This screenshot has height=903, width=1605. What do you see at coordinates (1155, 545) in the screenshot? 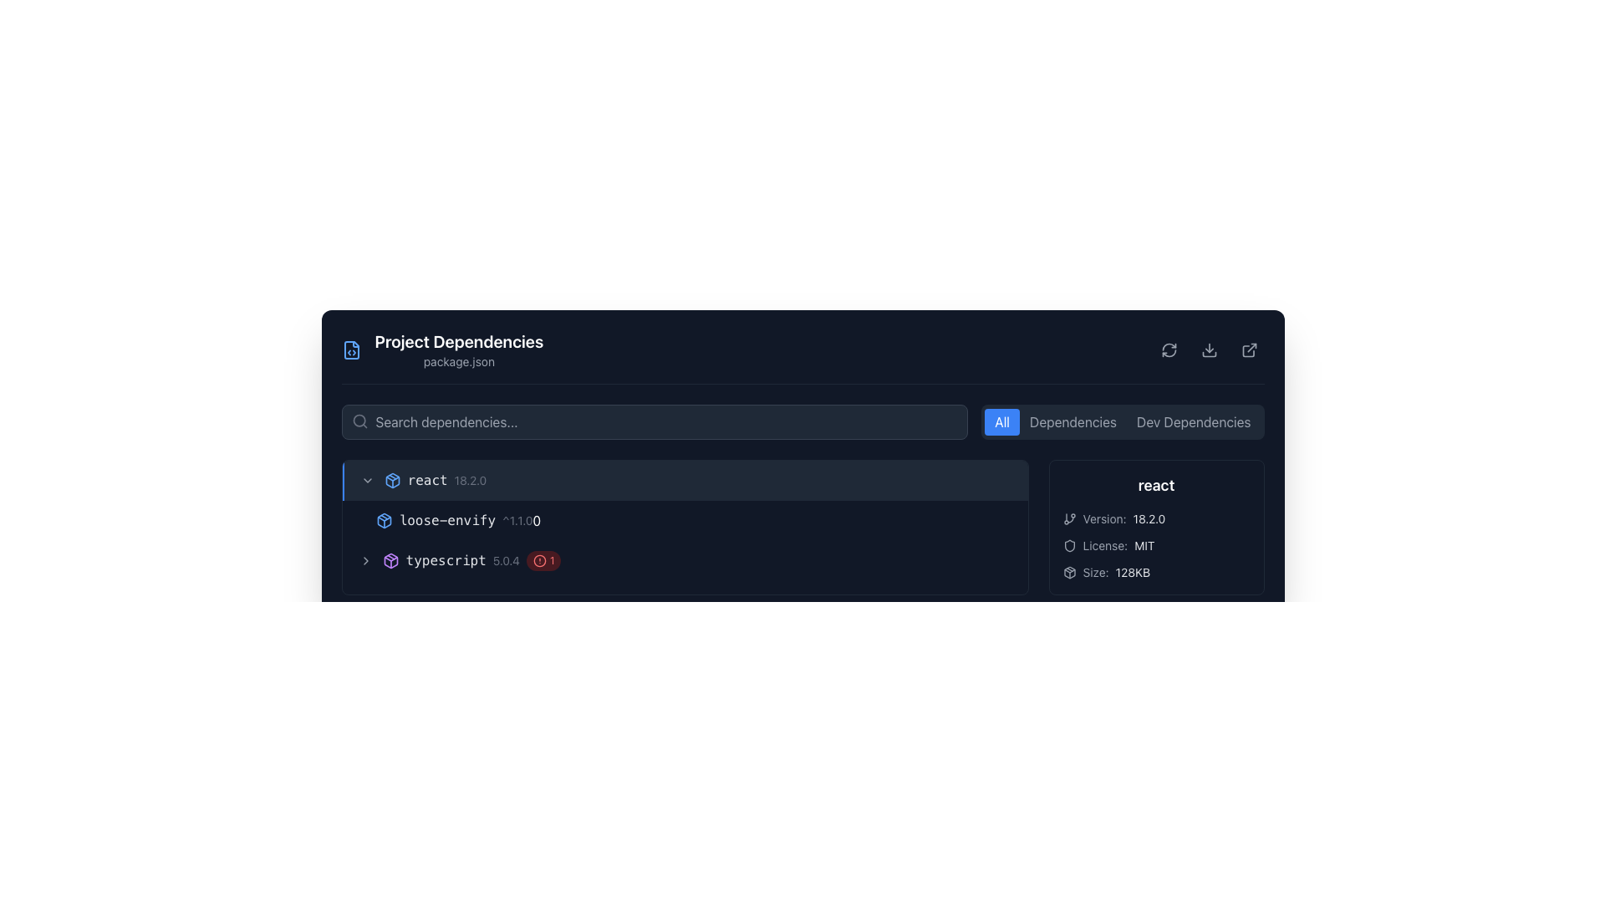
I see `the Informational block displaying version, license, and size information located beneath the title 'react'` at bounding box center [1155, 545].